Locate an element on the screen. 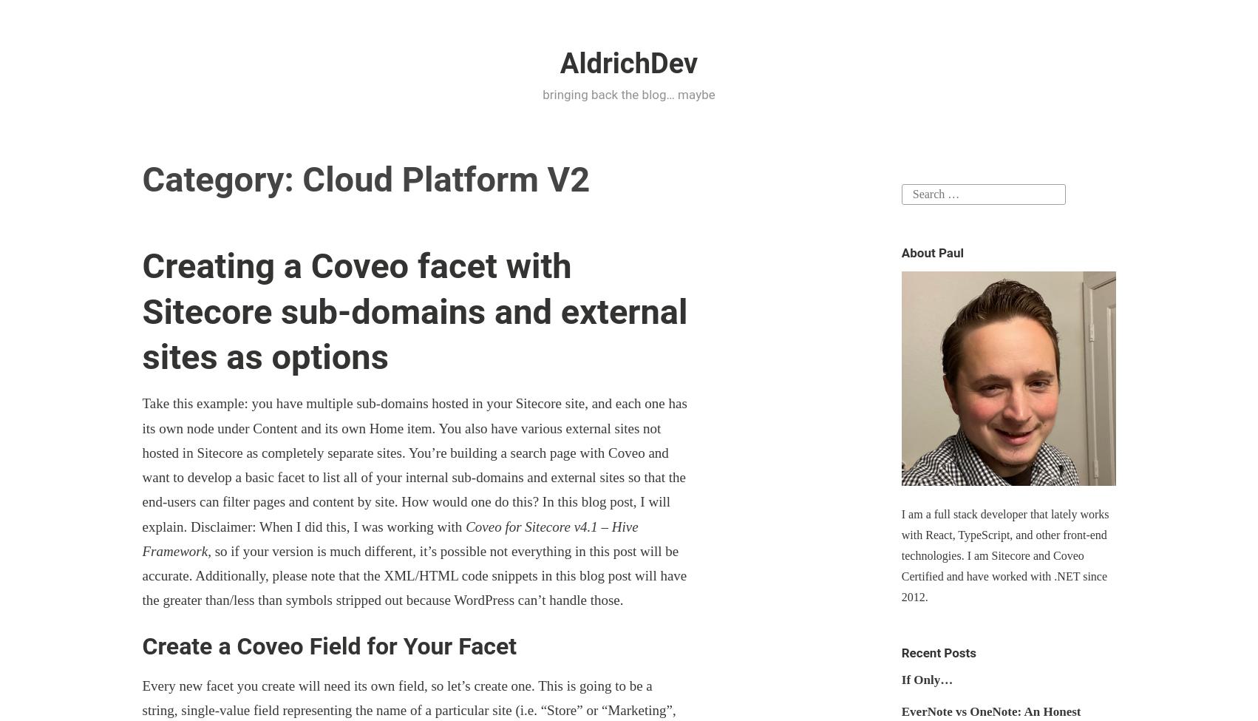 This screenshot has height=721, width=1258. 'Recent Posts' is located at coordinates (900, 651).